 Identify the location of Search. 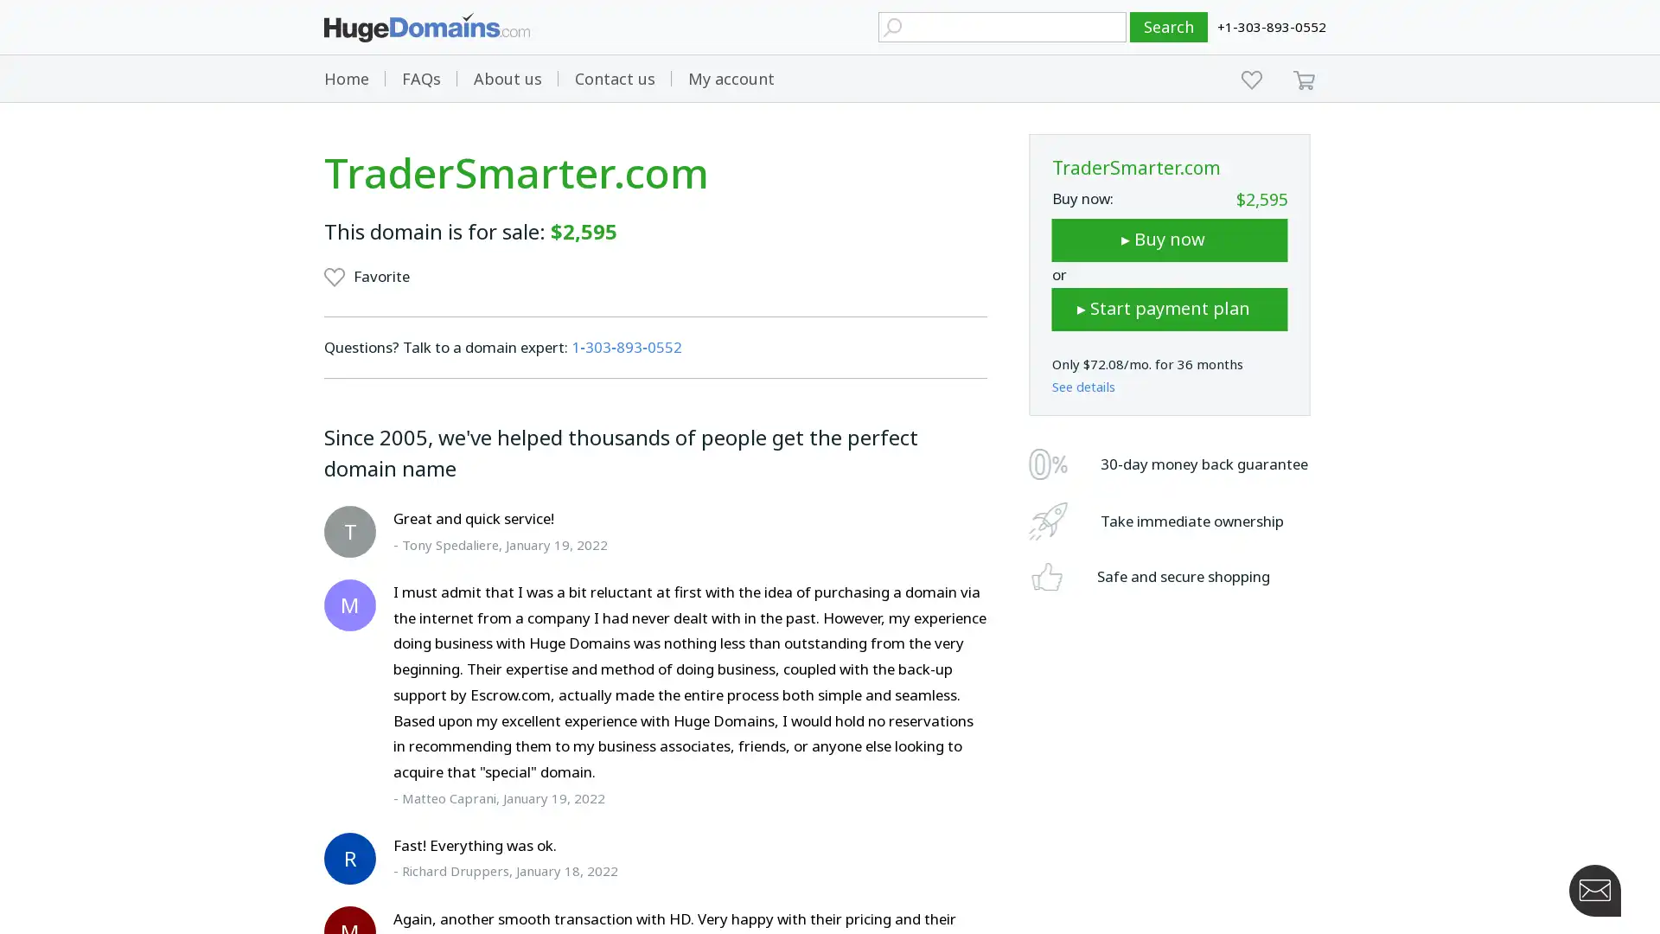
(1169, 27).